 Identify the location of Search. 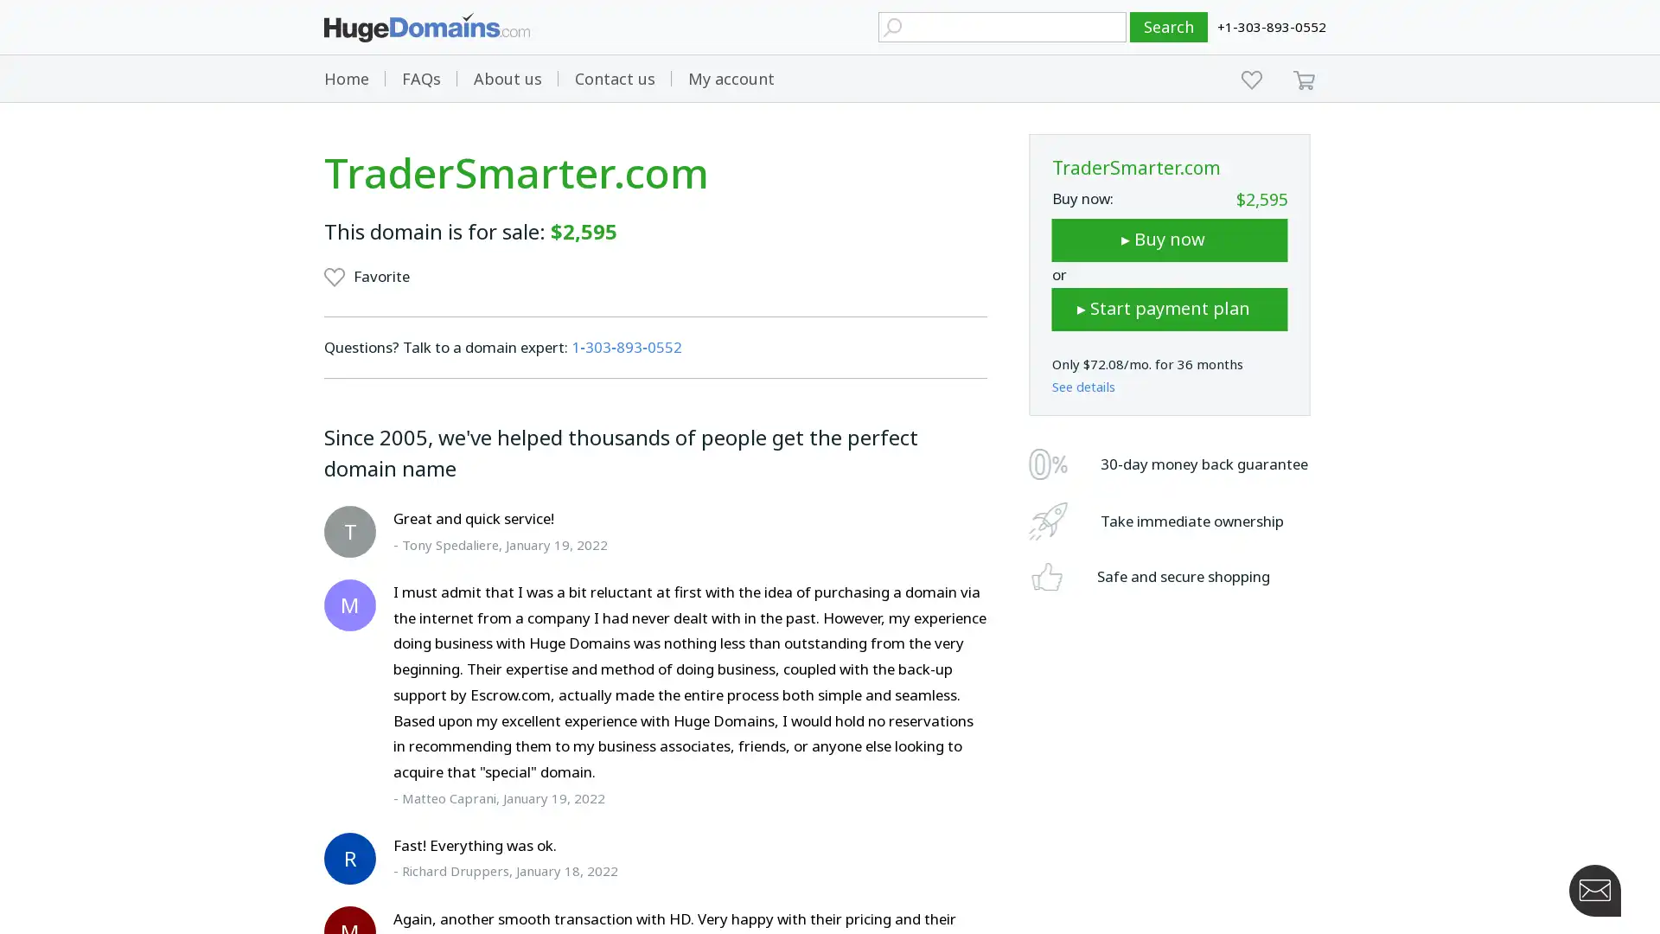
(1169, 27).